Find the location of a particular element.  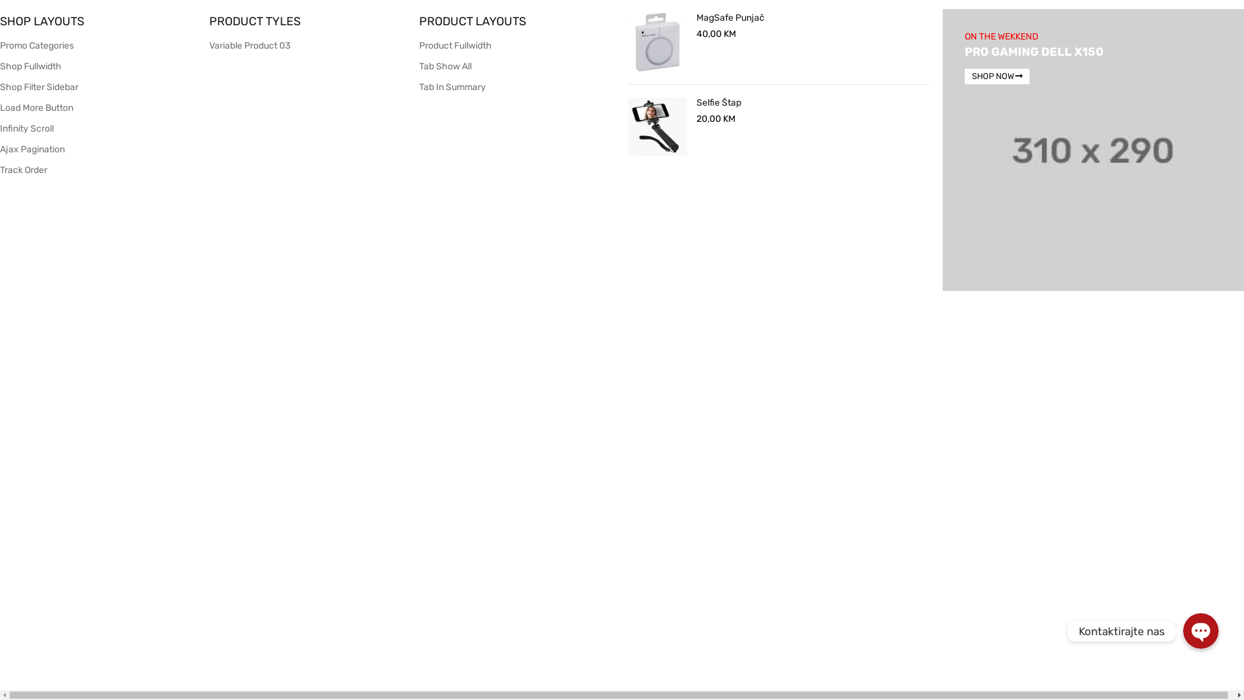

'Product Fullwidth' is located at coordinates (419, 45).